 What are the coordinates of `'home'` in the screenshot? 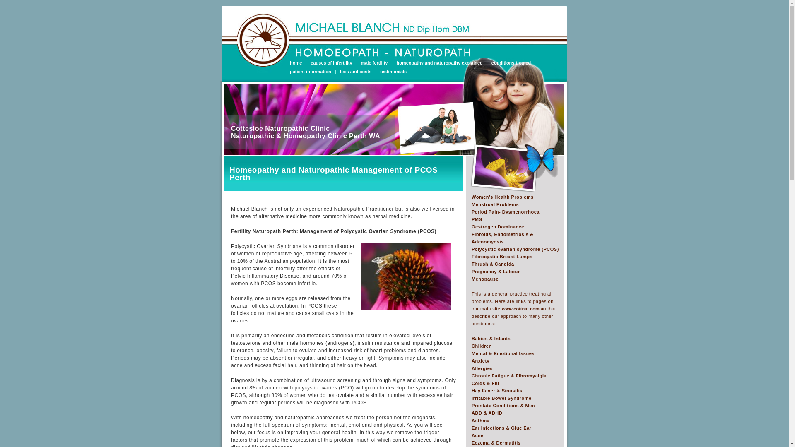 It's located at (298, 62).